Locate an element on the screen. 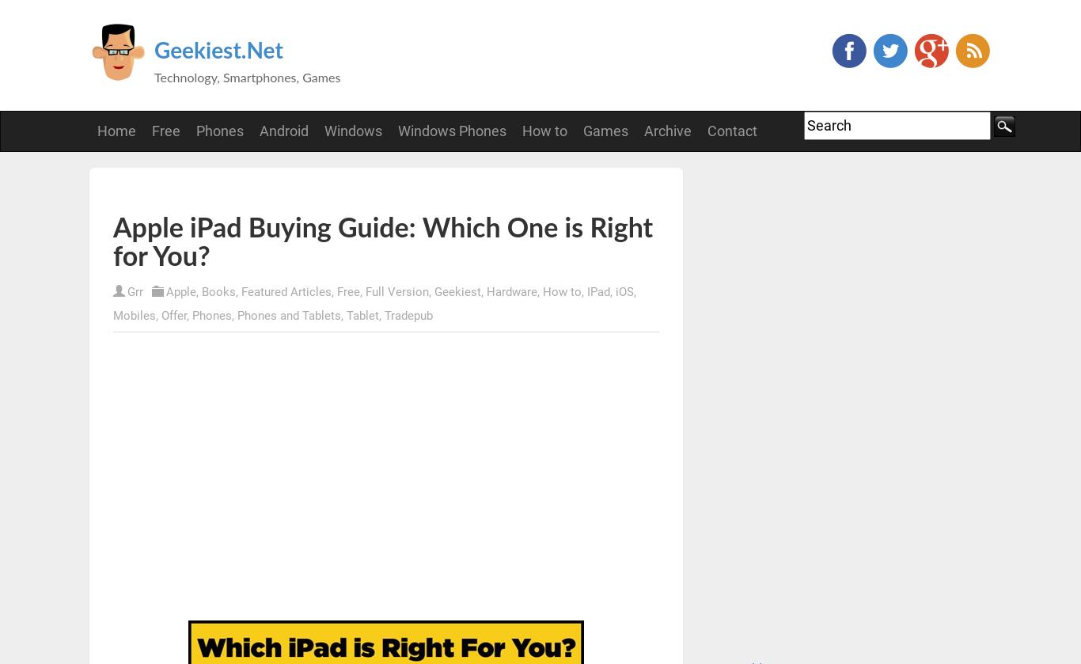 This screenshot has width=1081, height=664. 'Tablet' is located at coordinates (362, 316).